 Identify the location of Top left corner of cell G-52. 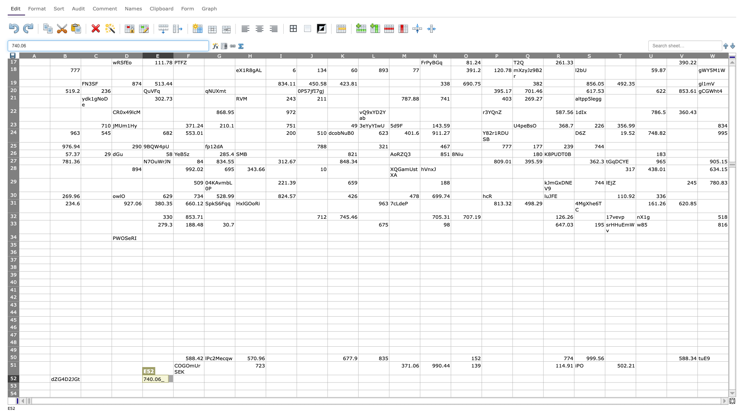
(204, 374).